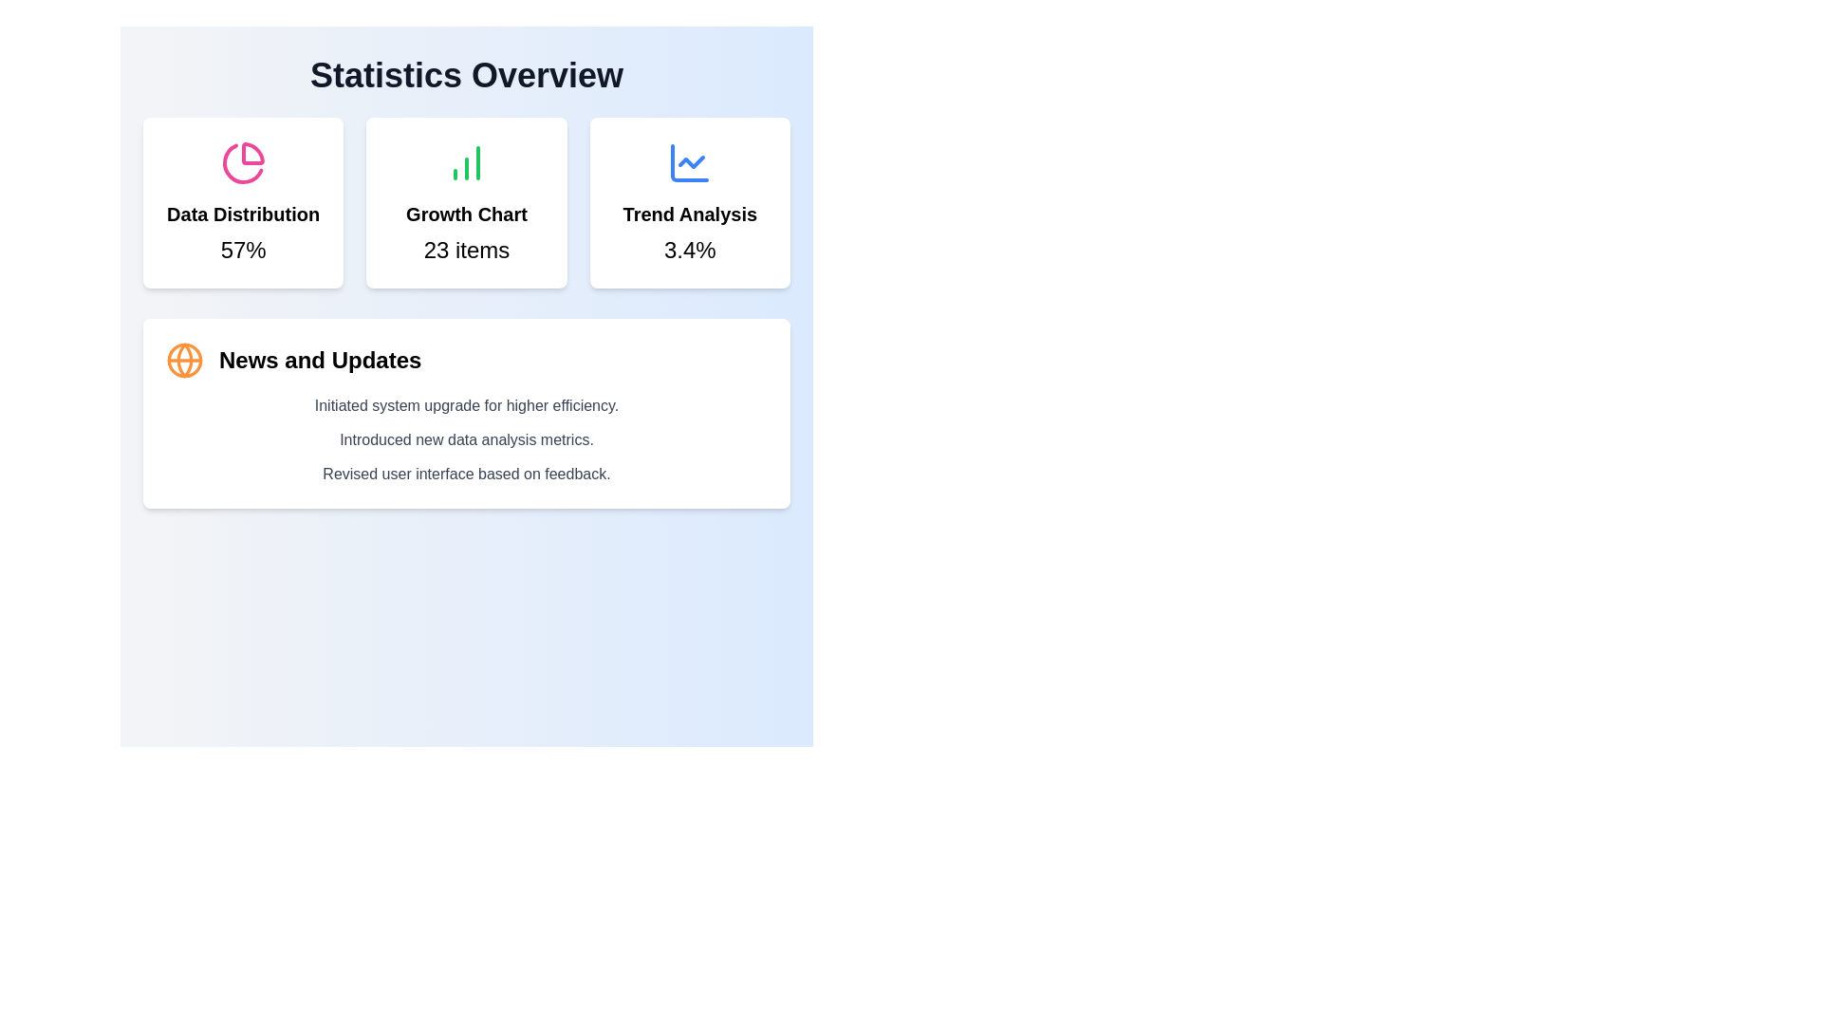 Image resolution: width=1822 pixels, height=1025 pixels. What do you see at coordinates (466, 202) in the screenshot?
I see `information displayed on the informational card titled 'Growth Chart', which is the middle card in a row of three cards, featuring a green bar chart icon and the text '23 items'` at bounding box center [466, 202].